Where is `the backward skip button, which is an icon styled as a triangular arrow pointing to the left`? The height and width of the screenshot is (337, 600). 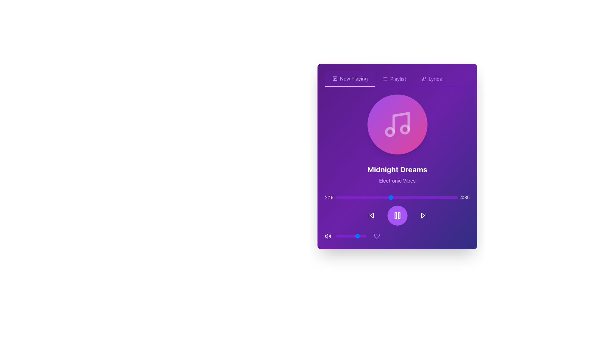 the backward skip button, which is an icon styled as a triangular arrow pointing to the left is located at coordinates (371, 215).